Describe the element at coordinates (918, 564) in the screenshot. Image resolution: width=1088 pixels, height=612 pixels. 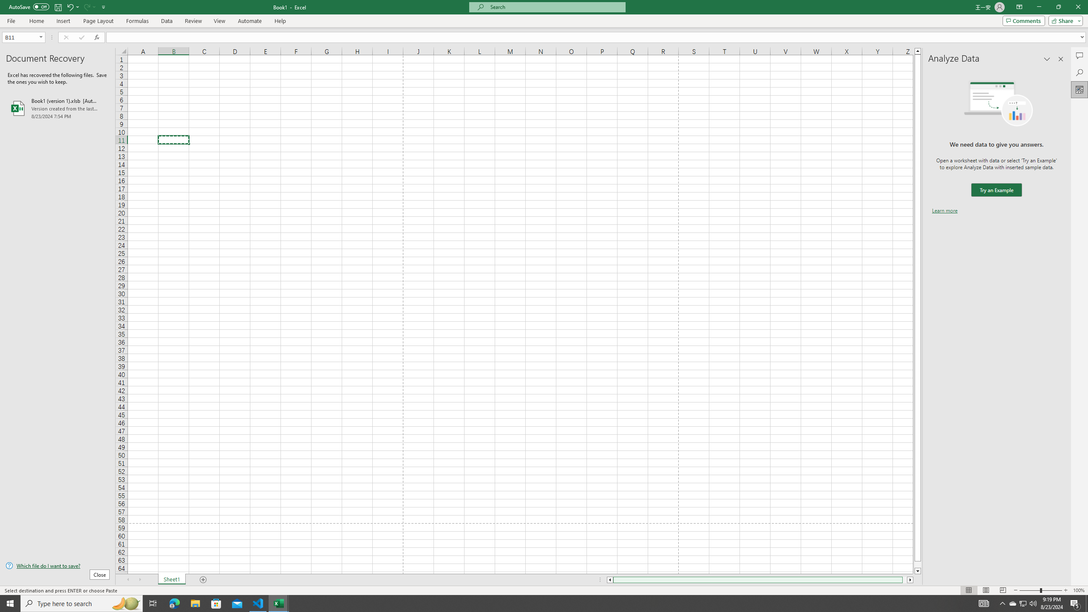
I see `'Page down'` at that location.